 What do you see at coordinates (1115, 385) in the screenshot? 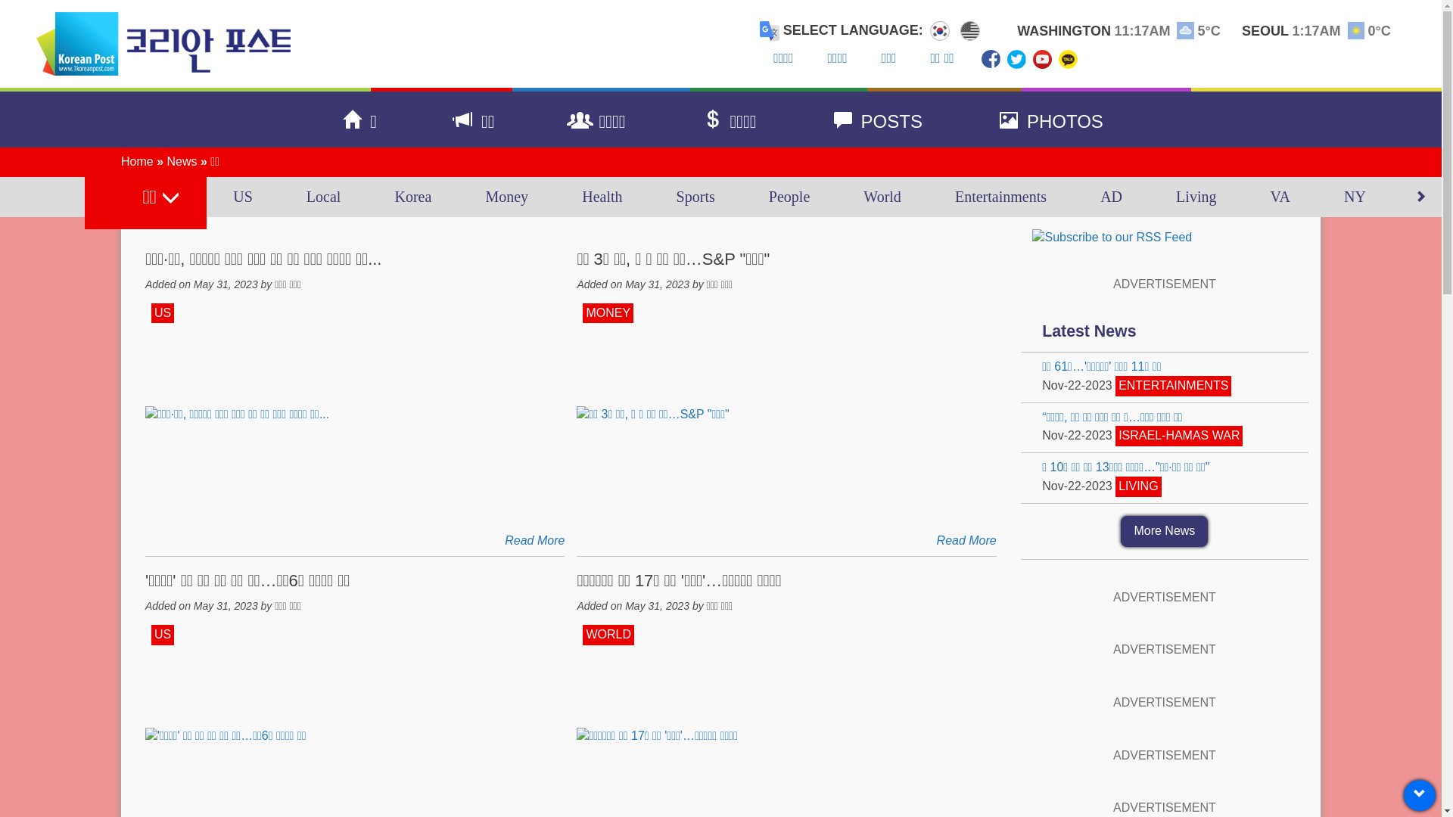
I see `'ENTERTAINMENTS'` at bounding box center [1115, 385].